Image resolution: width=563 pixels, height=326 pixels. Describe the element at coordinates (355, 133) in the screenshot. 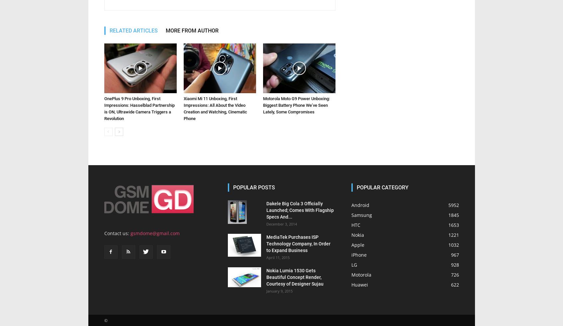

I see `'HTC'` at that location.